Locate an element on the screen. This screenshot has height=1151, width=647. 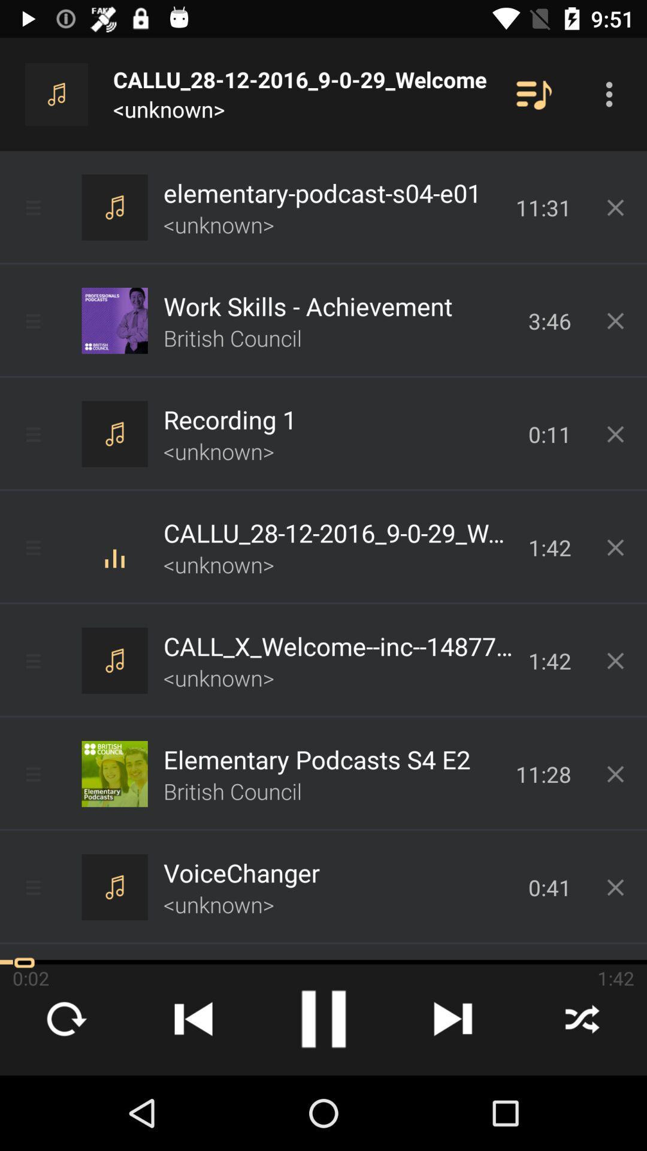
the close icon is located at coordinates (582, 1018).